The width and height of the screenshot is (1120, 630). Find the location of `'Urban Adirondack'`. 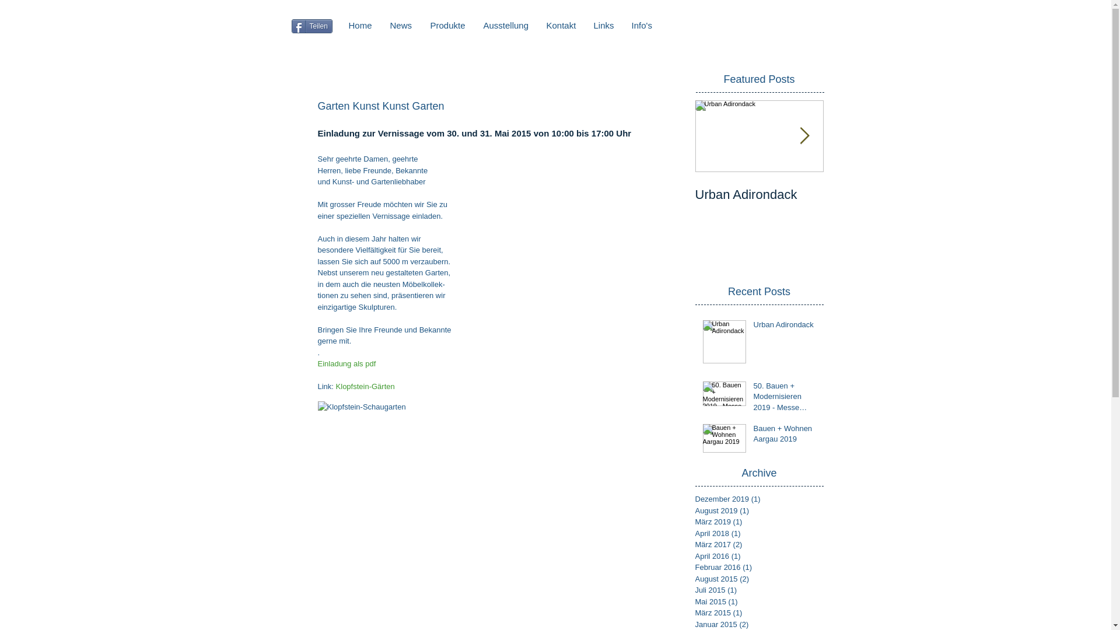

'Urban Adirondack' is located at coordinates (785, 327).